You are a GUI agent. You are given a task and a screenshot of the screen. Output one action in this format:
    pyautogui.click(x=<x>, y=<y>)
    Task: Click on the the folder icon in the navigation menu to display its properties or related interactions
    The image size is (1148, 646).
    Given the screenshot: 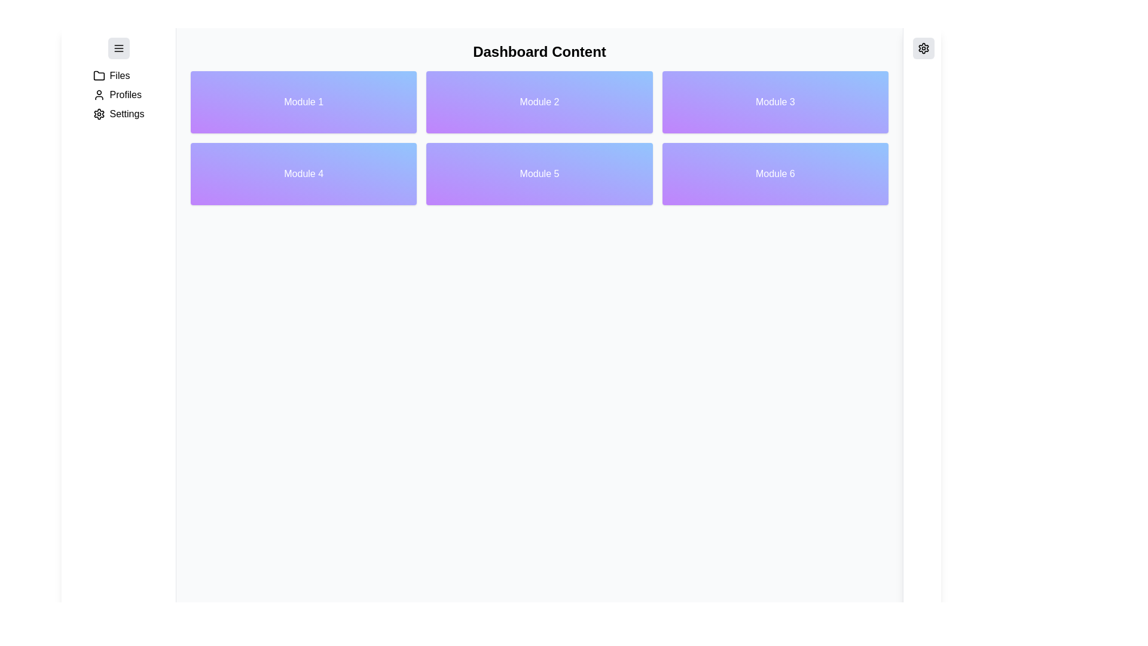 What is the action you would take?
    pyautogui.click(x=99, y=76)
    